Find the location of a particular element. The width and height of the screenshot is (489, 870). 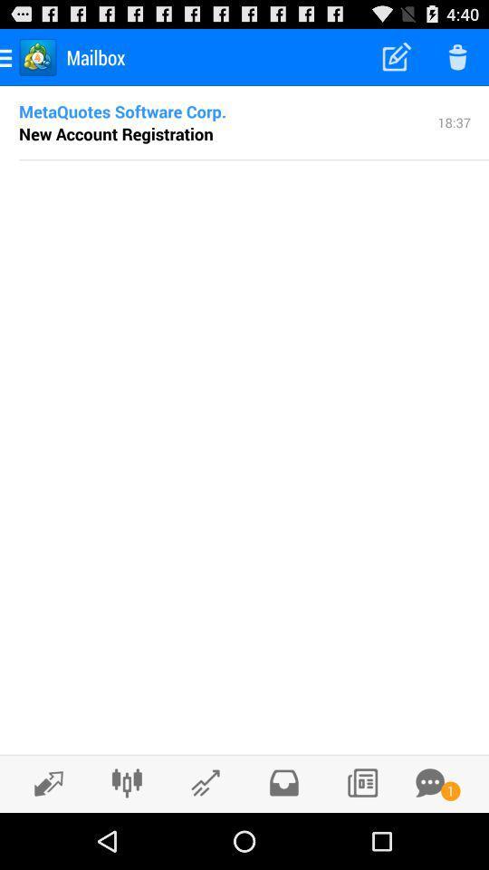

realtime quotes is located at coordinates (43, 782).